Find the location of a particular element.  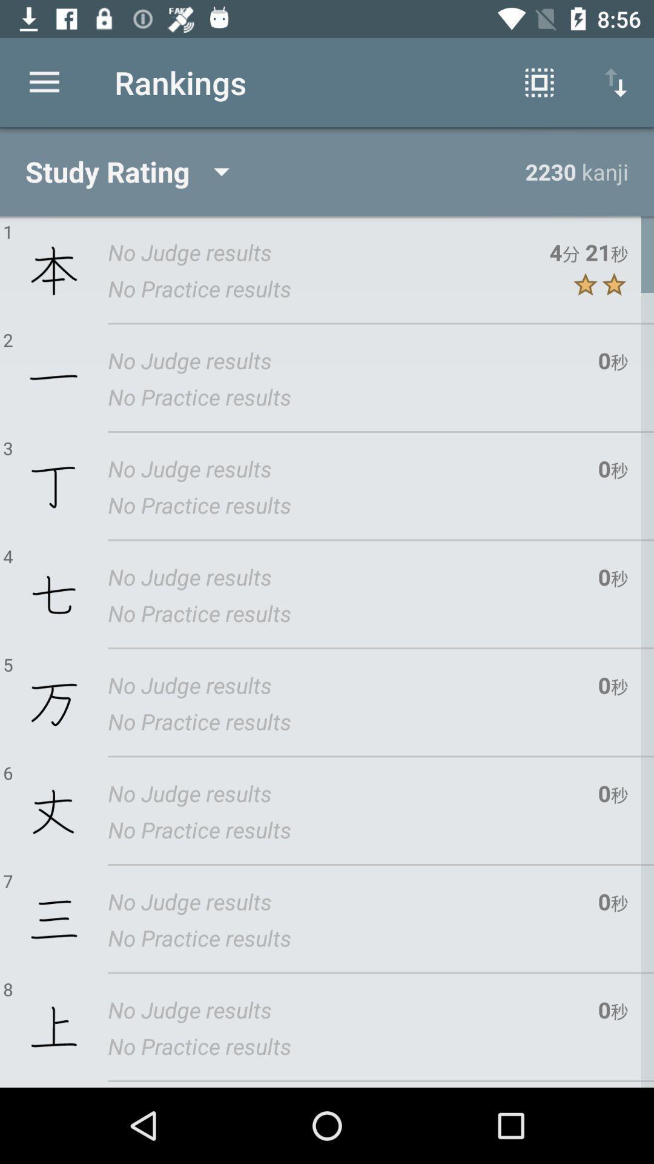

first icon right to rankings is located at coordinates (539, 82).